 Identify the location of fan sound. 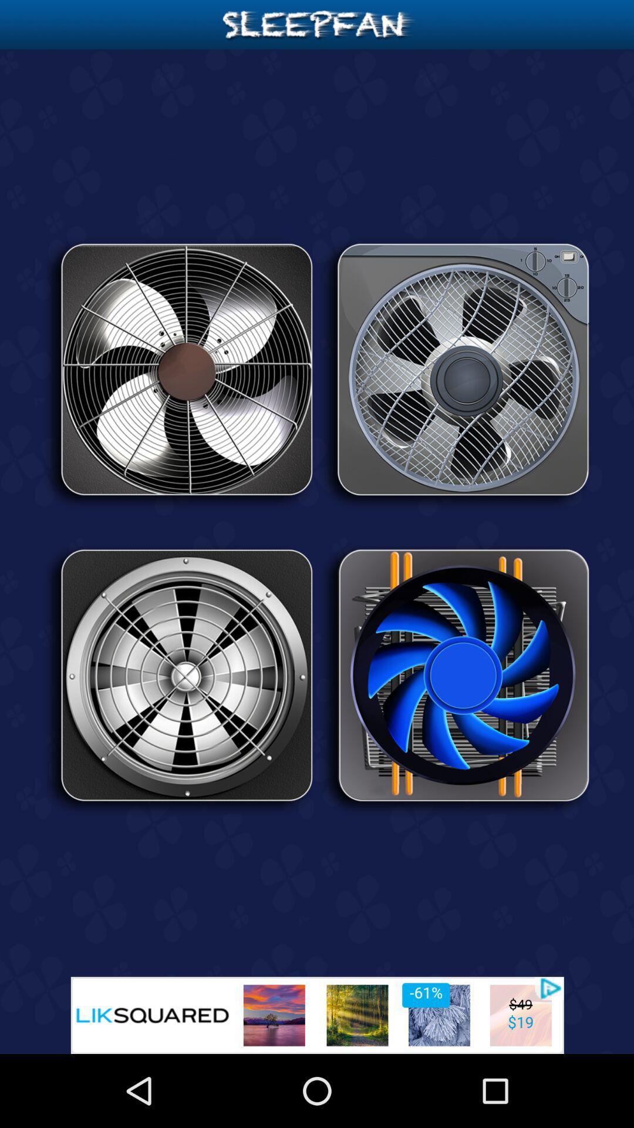
(454, 373).